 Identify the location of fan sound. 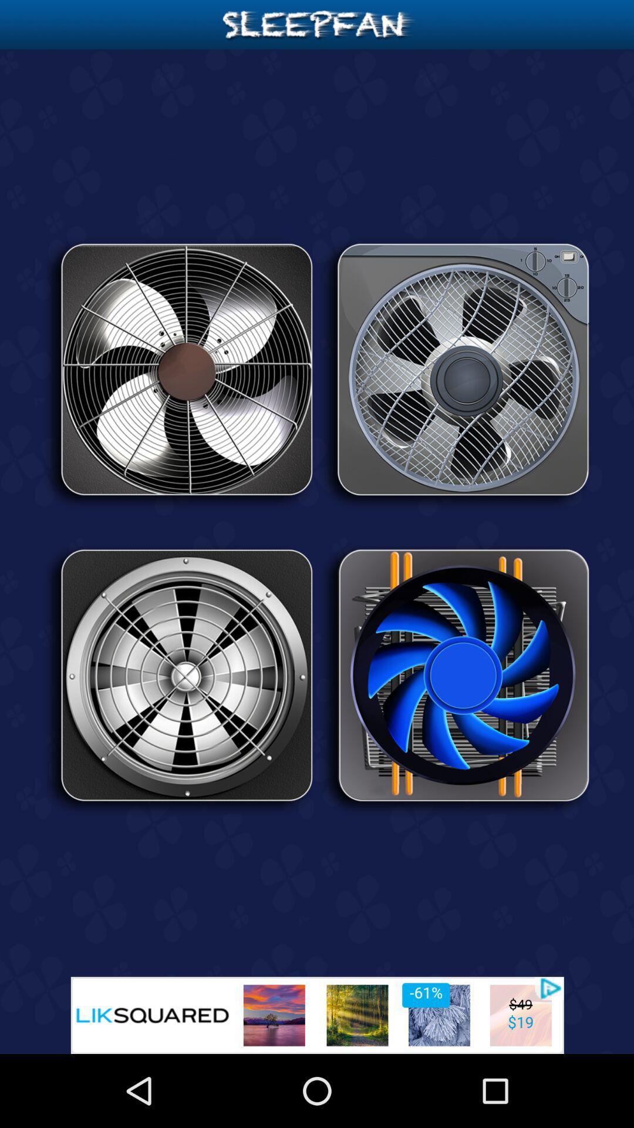
(454, 373).